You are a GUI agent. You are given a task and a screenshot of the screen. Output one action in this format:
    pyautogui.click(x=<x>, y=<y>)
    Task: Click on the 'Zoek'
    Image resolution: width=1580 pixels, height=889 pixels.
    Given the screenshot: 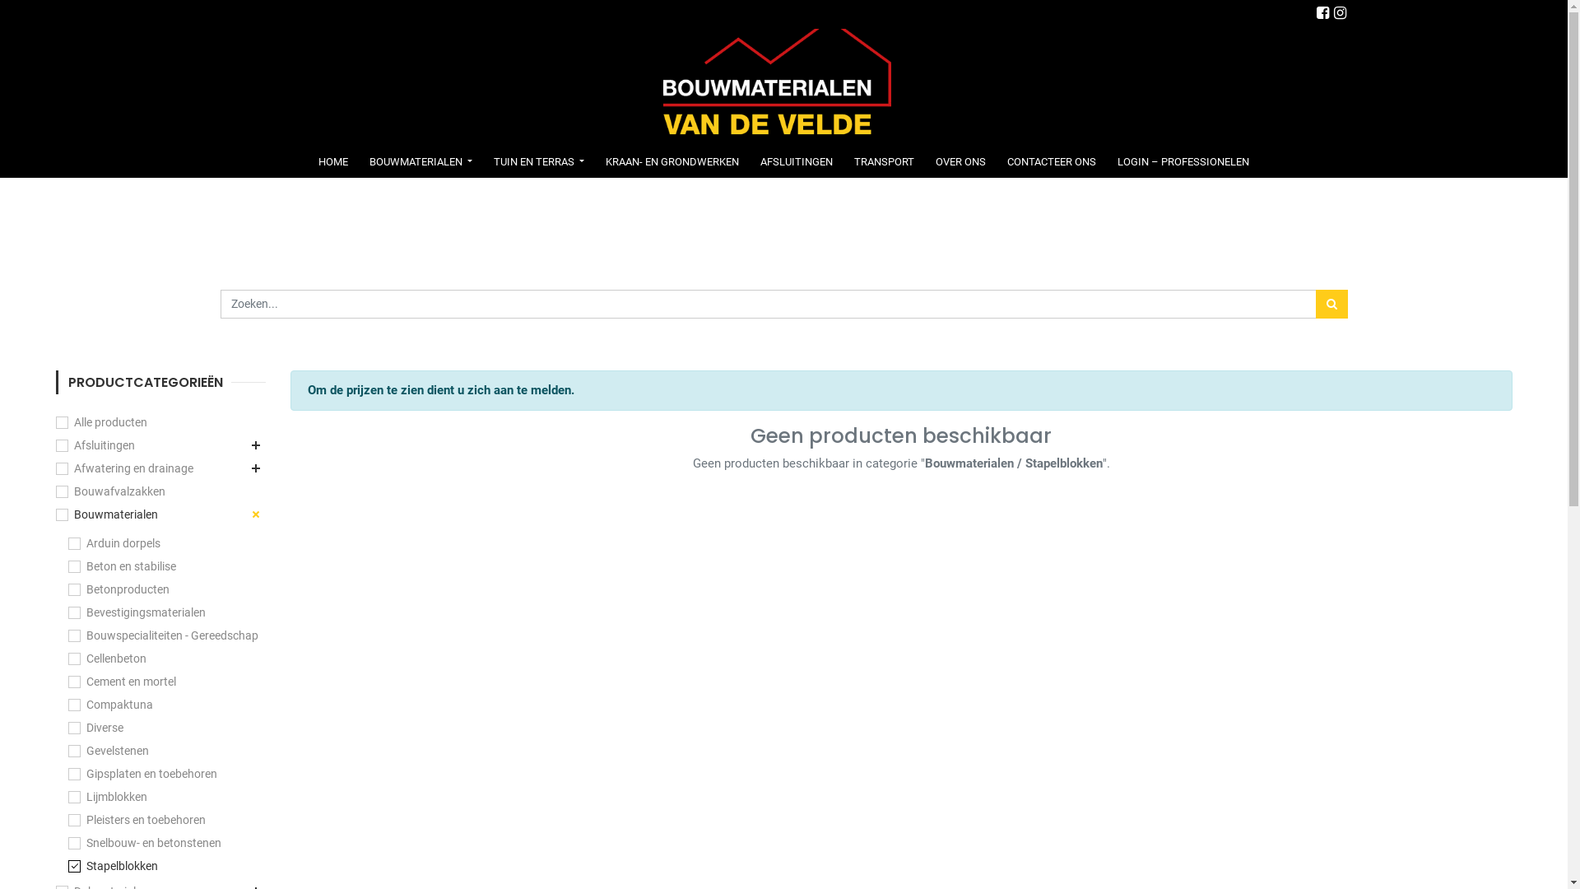 What is the action you would take?
    pyautogui.click(x=1314, y=304)
    